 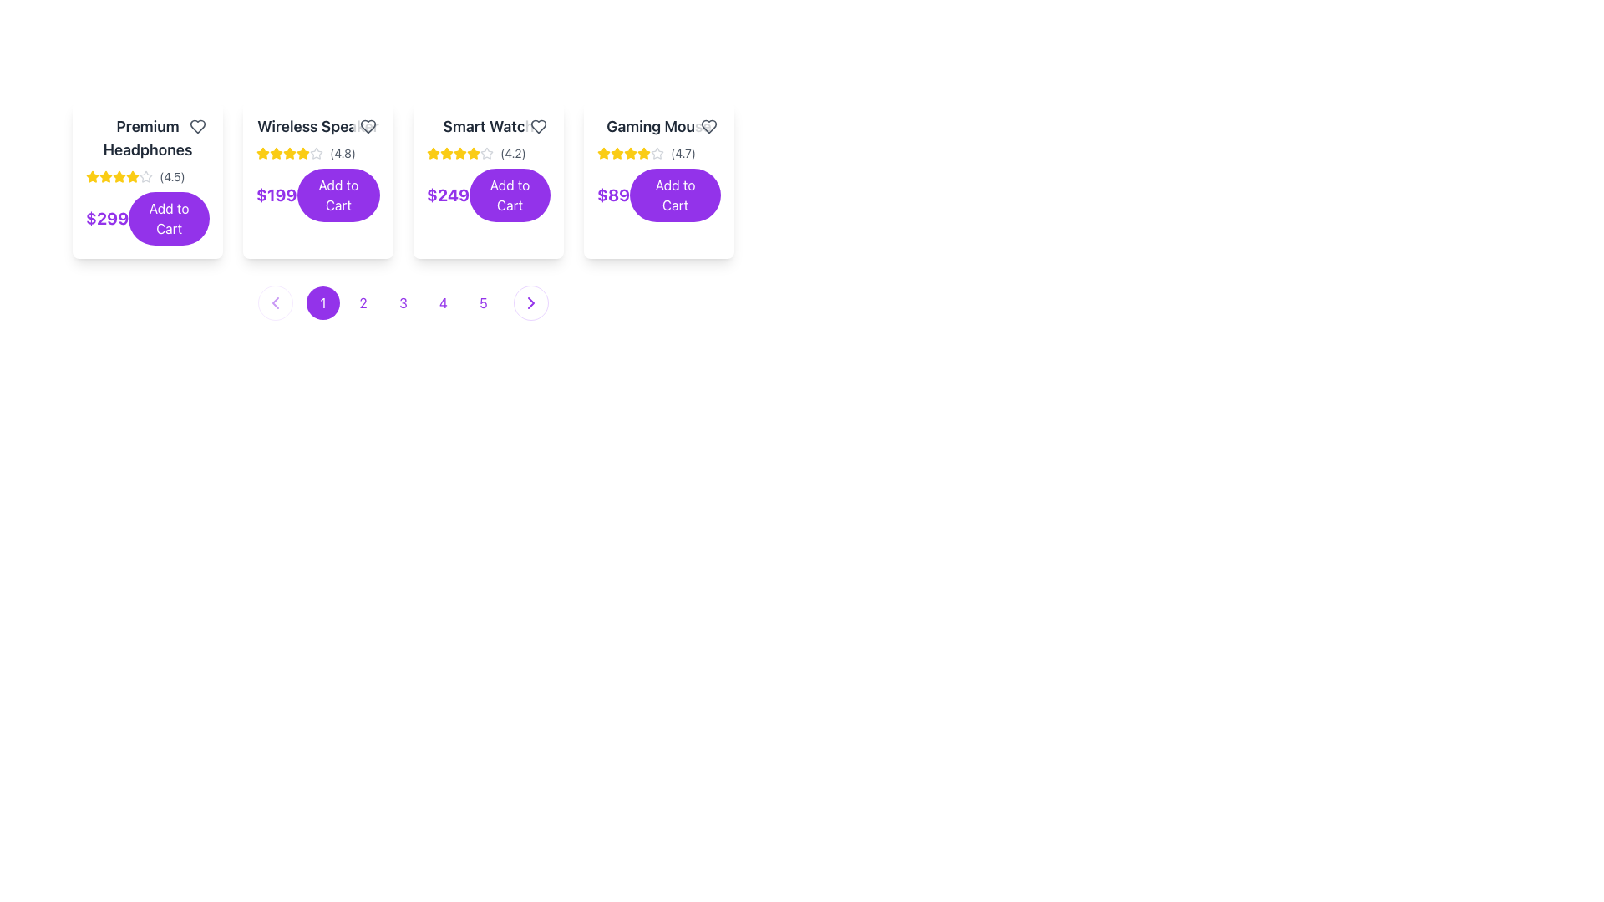 What do you see at coordinates (289, 154) in the screenshot?
I see `the fifth star in the interactive rating system for the 'Wireless Speaker' product, which visually signifies part of the rating value` at bounding box center [289, 154].